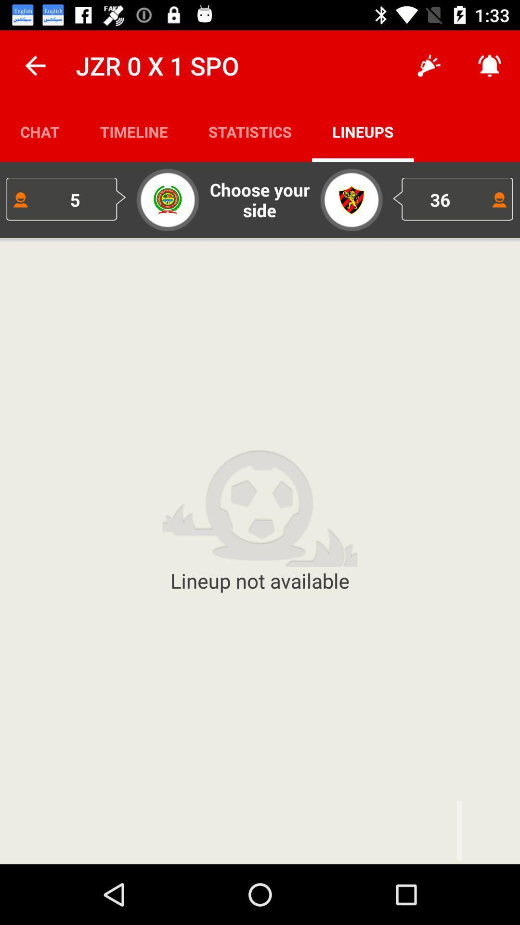  I want to click on 36  icon, so click(453, 199).